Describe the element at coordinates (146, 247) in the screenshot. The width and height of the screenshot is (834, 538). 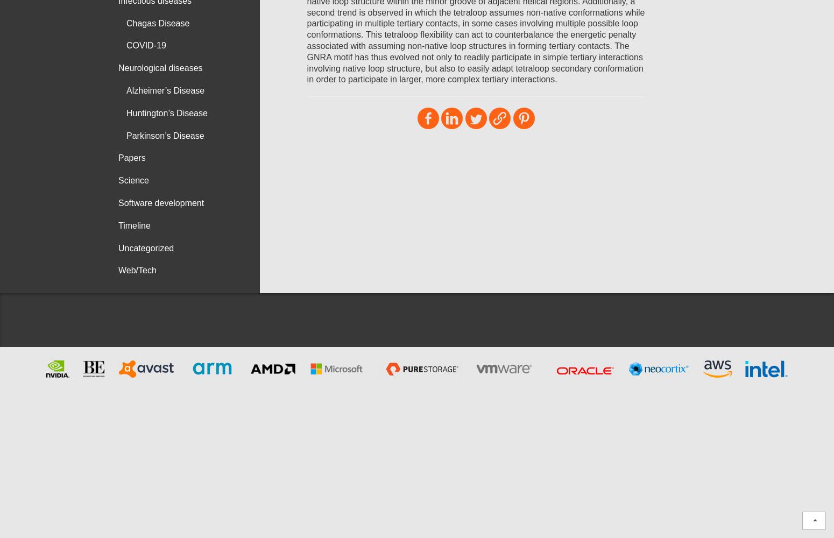
I see `'Uncategorized'` at that location.